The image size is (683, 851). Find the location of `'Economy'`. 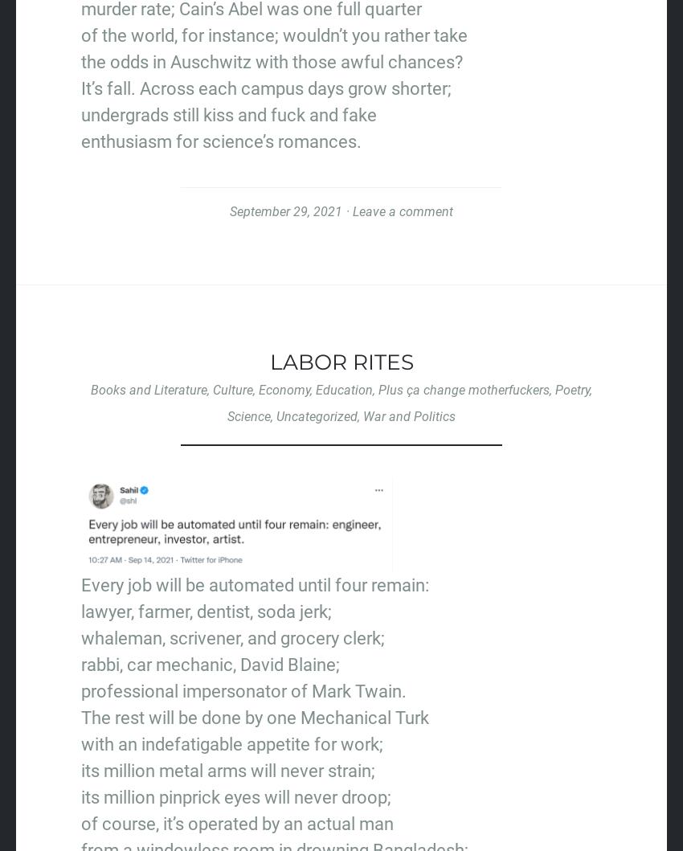

'Economy' is located at coordinates (284, 390).